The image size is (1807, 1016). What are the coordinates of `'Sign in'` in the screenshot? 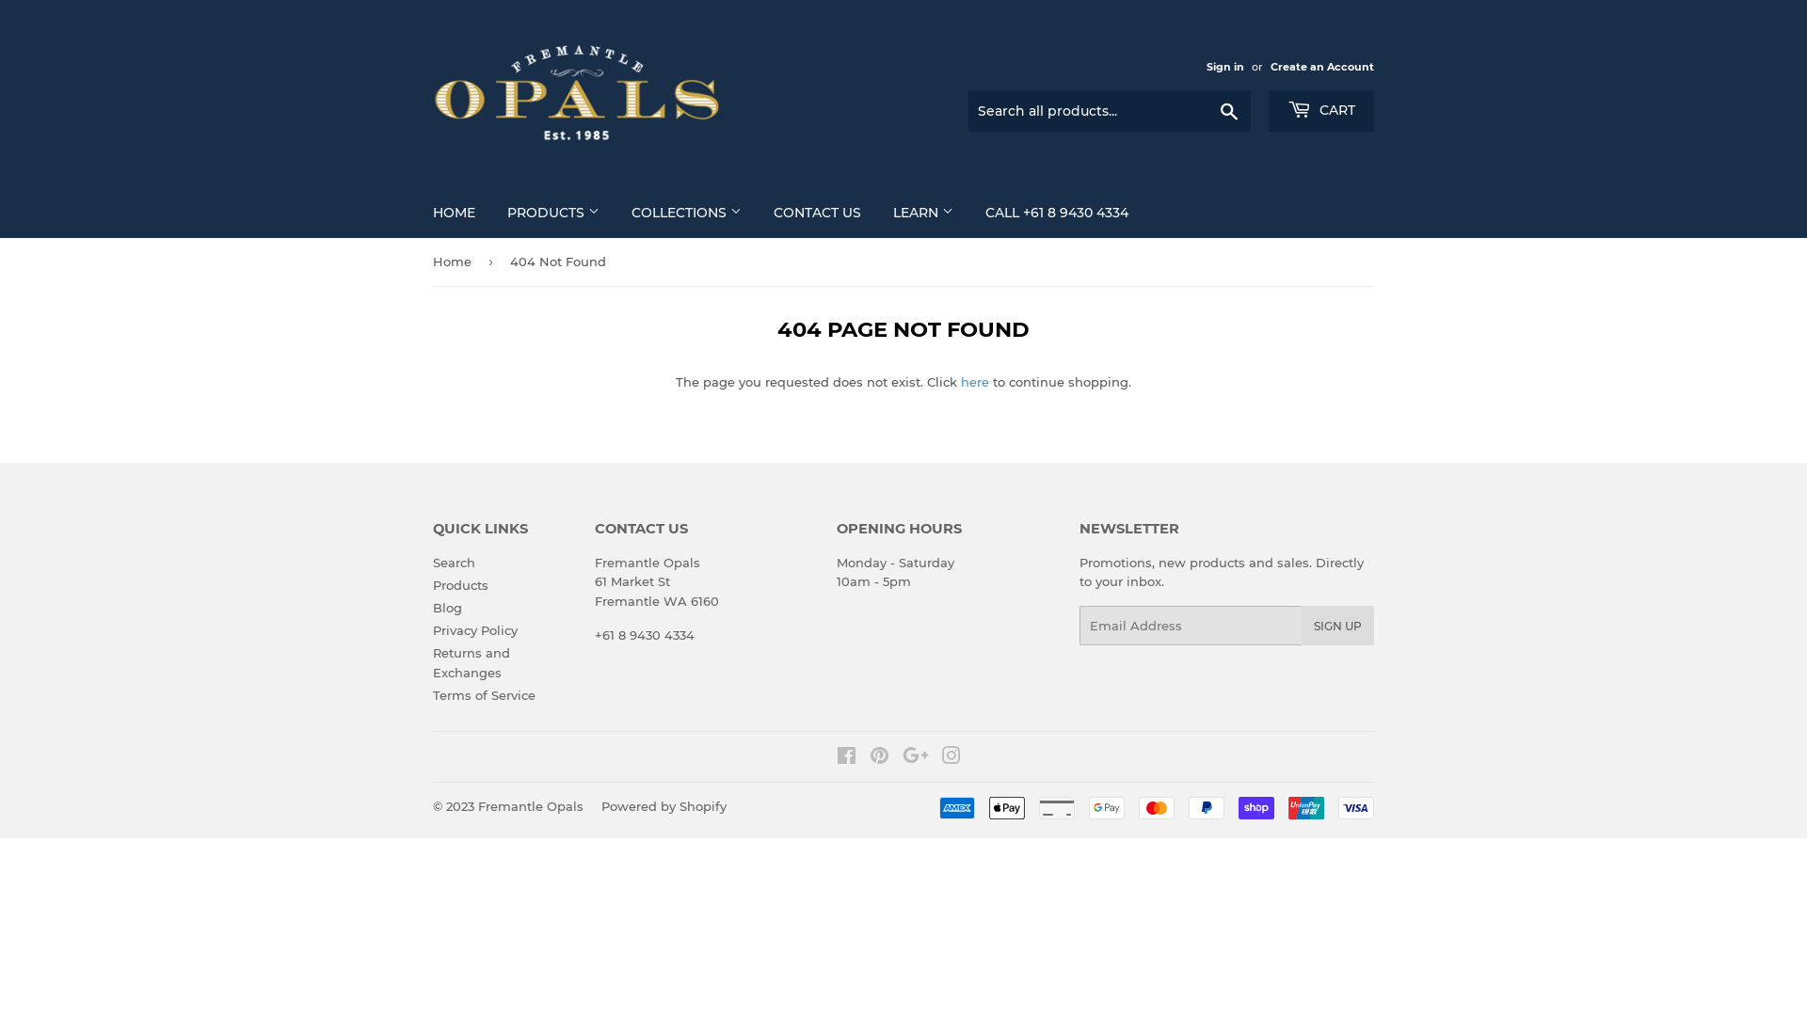 It's located at (1224, 65).